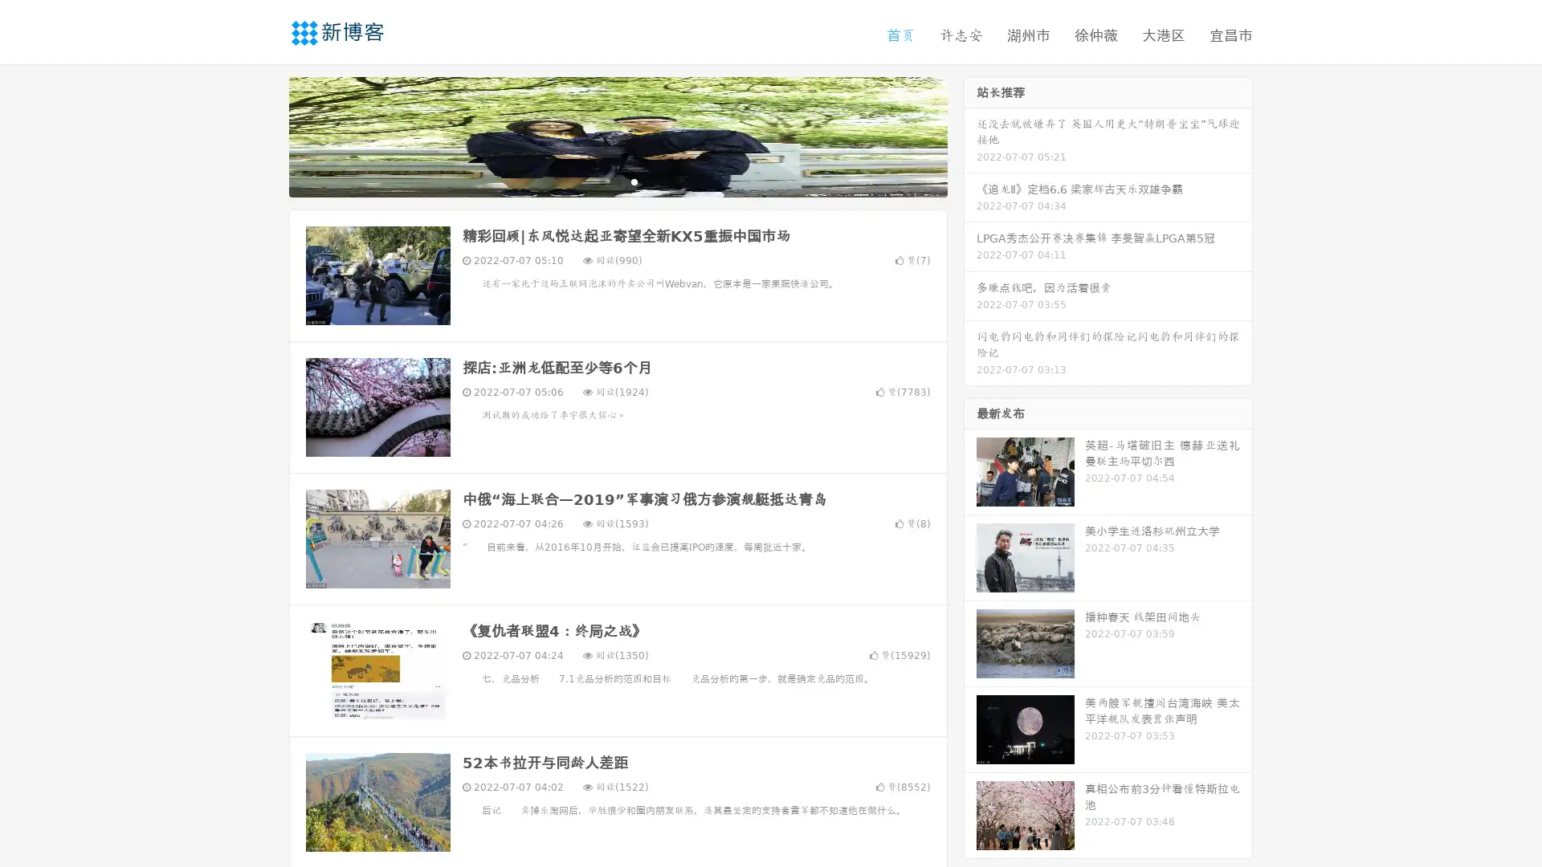 This screenshot has width=1542, height=867. I want to click on Previous slide, so click(265, 135).